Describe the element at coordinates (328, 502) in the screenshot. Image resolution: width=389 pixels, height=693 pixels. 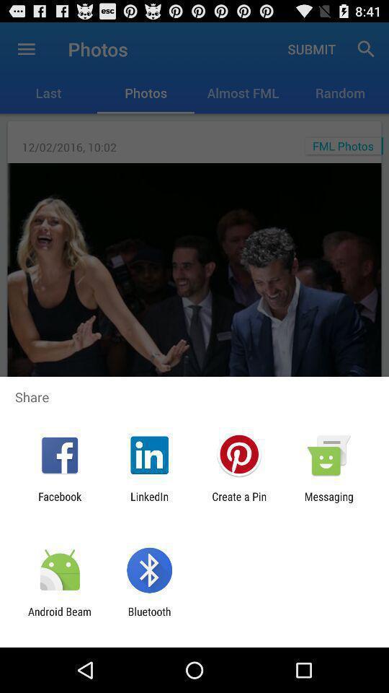
I see `app at the bottom right corner` at that location.